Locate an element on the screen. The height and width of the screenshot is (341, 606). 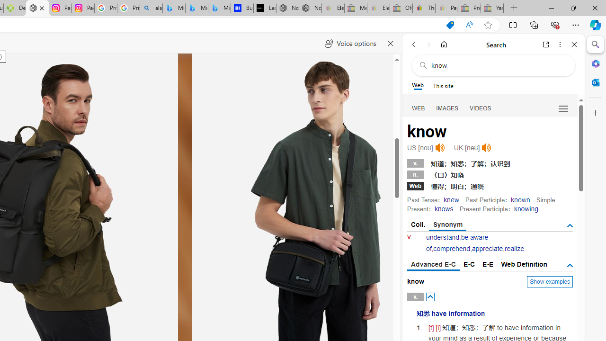
'Search Filter, VIDEOS' is located at coordinates (481, 108).